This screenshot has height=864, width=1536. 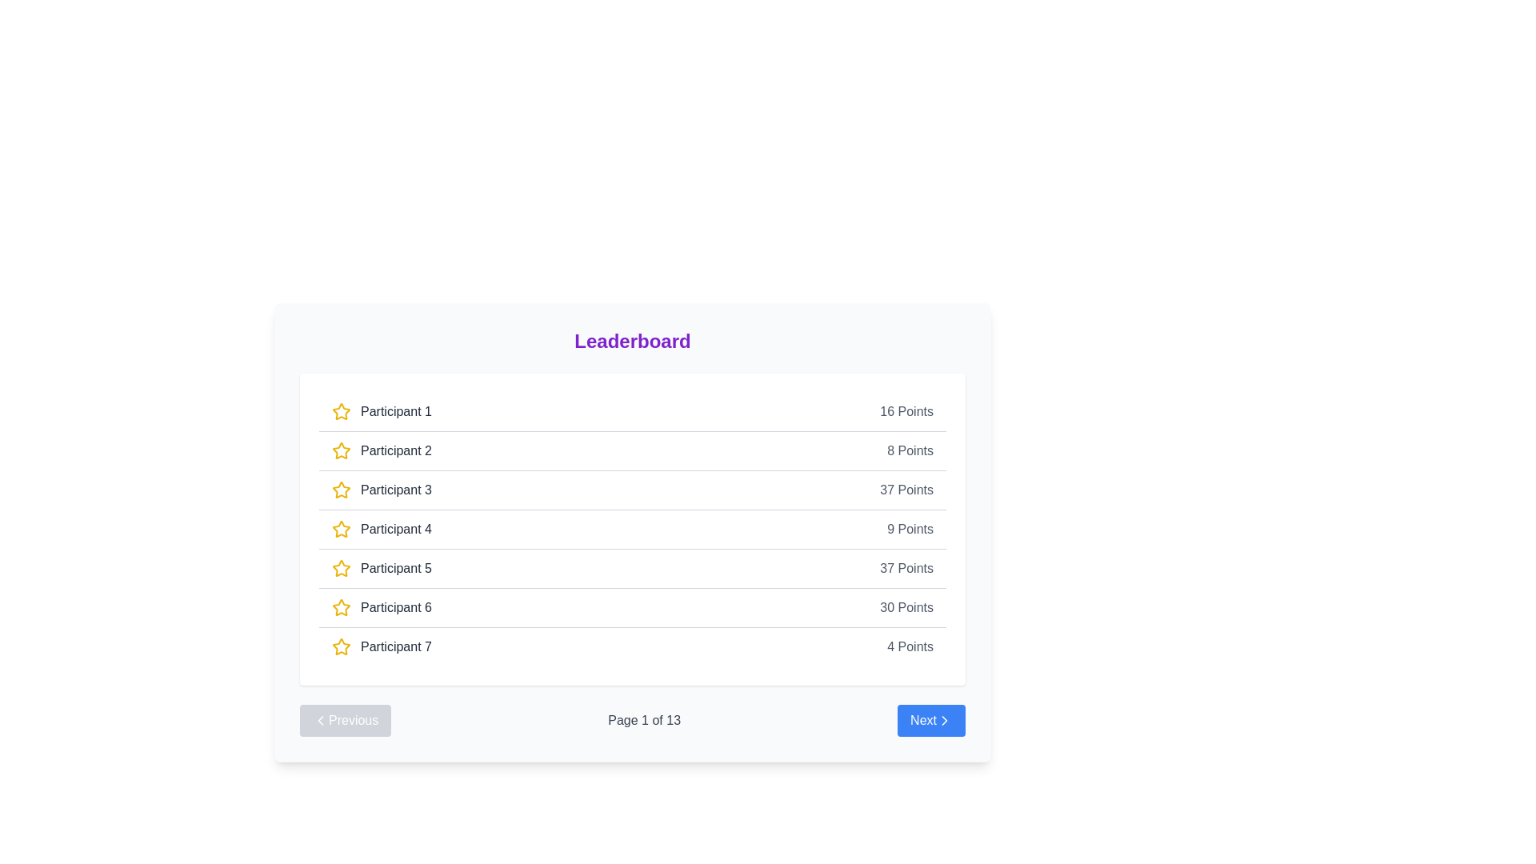 What do you see at coordinates (910, 530) in the screenshot?
I see `the text label displaying '9 Points' in a gray font, which is the rightmost content in the row for 'Participant 4' in the leaderboard table` at bounding box center [910, 530].